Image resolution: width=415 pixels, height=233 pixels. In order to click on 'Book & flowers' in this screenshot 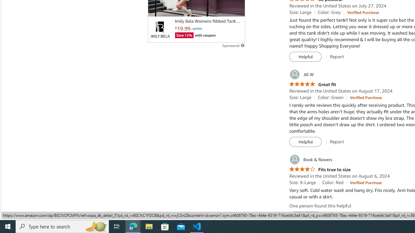, I will do `click(310, 160)`.